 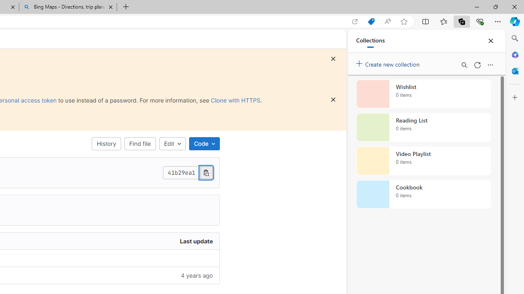 I want to click on 'Shopping in Microsoft Edge', so click(x=370, y=21).